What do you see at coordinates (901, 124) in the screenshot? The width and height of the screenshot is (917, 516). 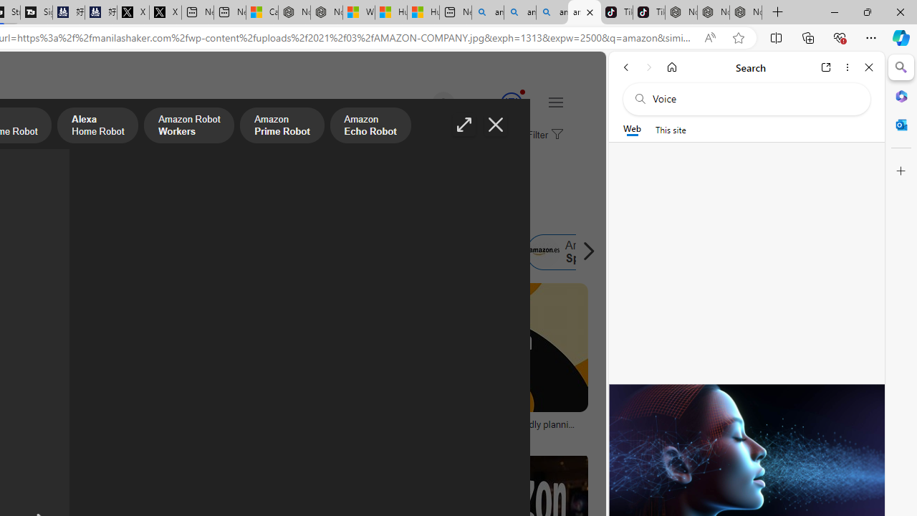 I see `'Outlook'` at bounding box center [901, 124].